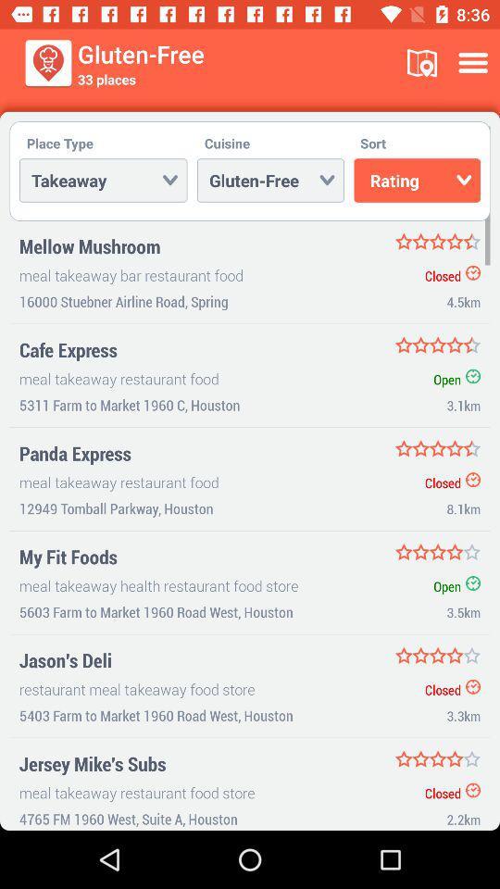 The width and height of the screenshot is (500, 889). Describe the element at coordinates (421, 63) in the screenshot. I see `the item next to the gluten-free icon` at that location.